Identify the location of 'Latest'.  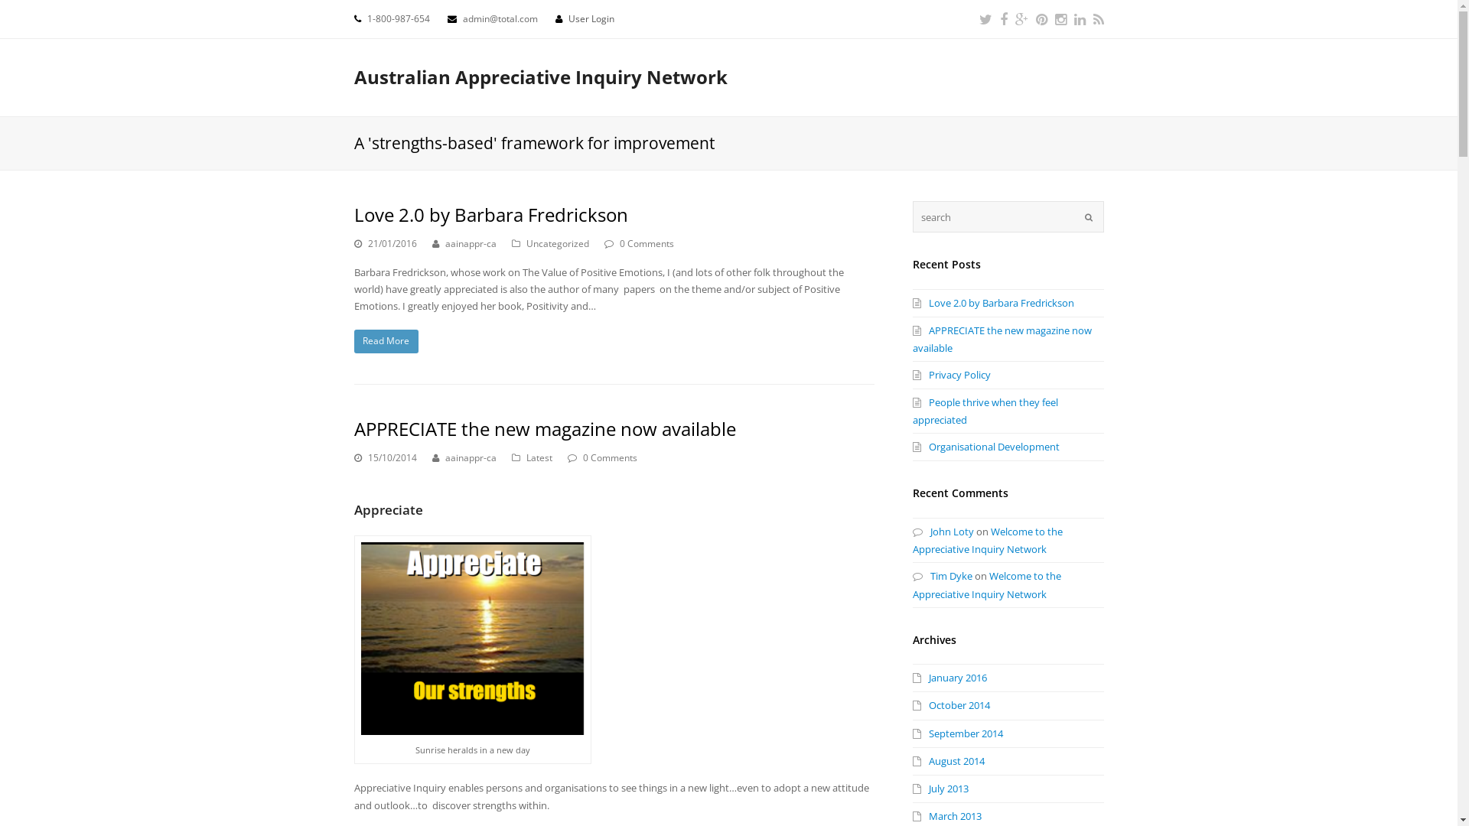
(539, 457).